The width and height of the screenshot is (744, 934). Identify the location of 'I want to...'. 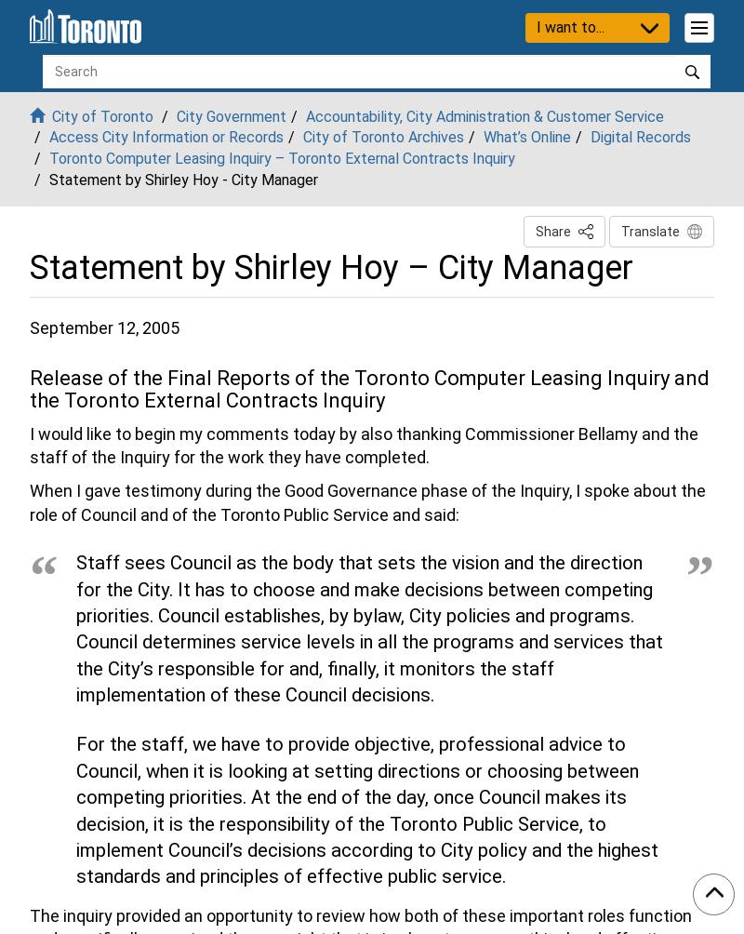
(569, 26).